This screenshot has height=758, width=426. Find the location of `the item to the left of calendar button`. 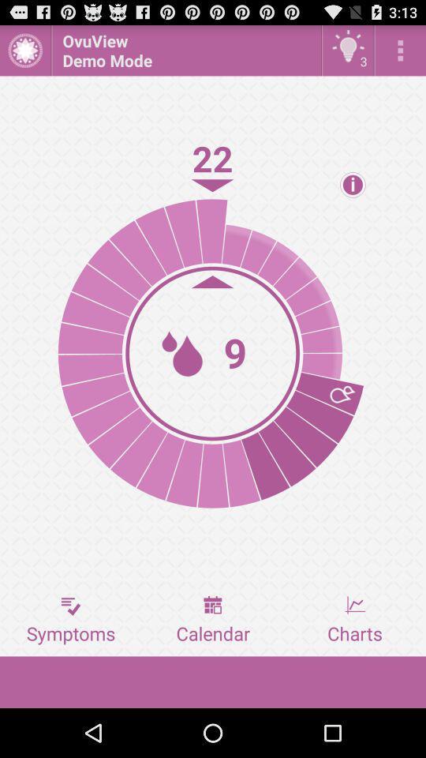

the item to the left of calendar button is located at coordinates (70, 620).